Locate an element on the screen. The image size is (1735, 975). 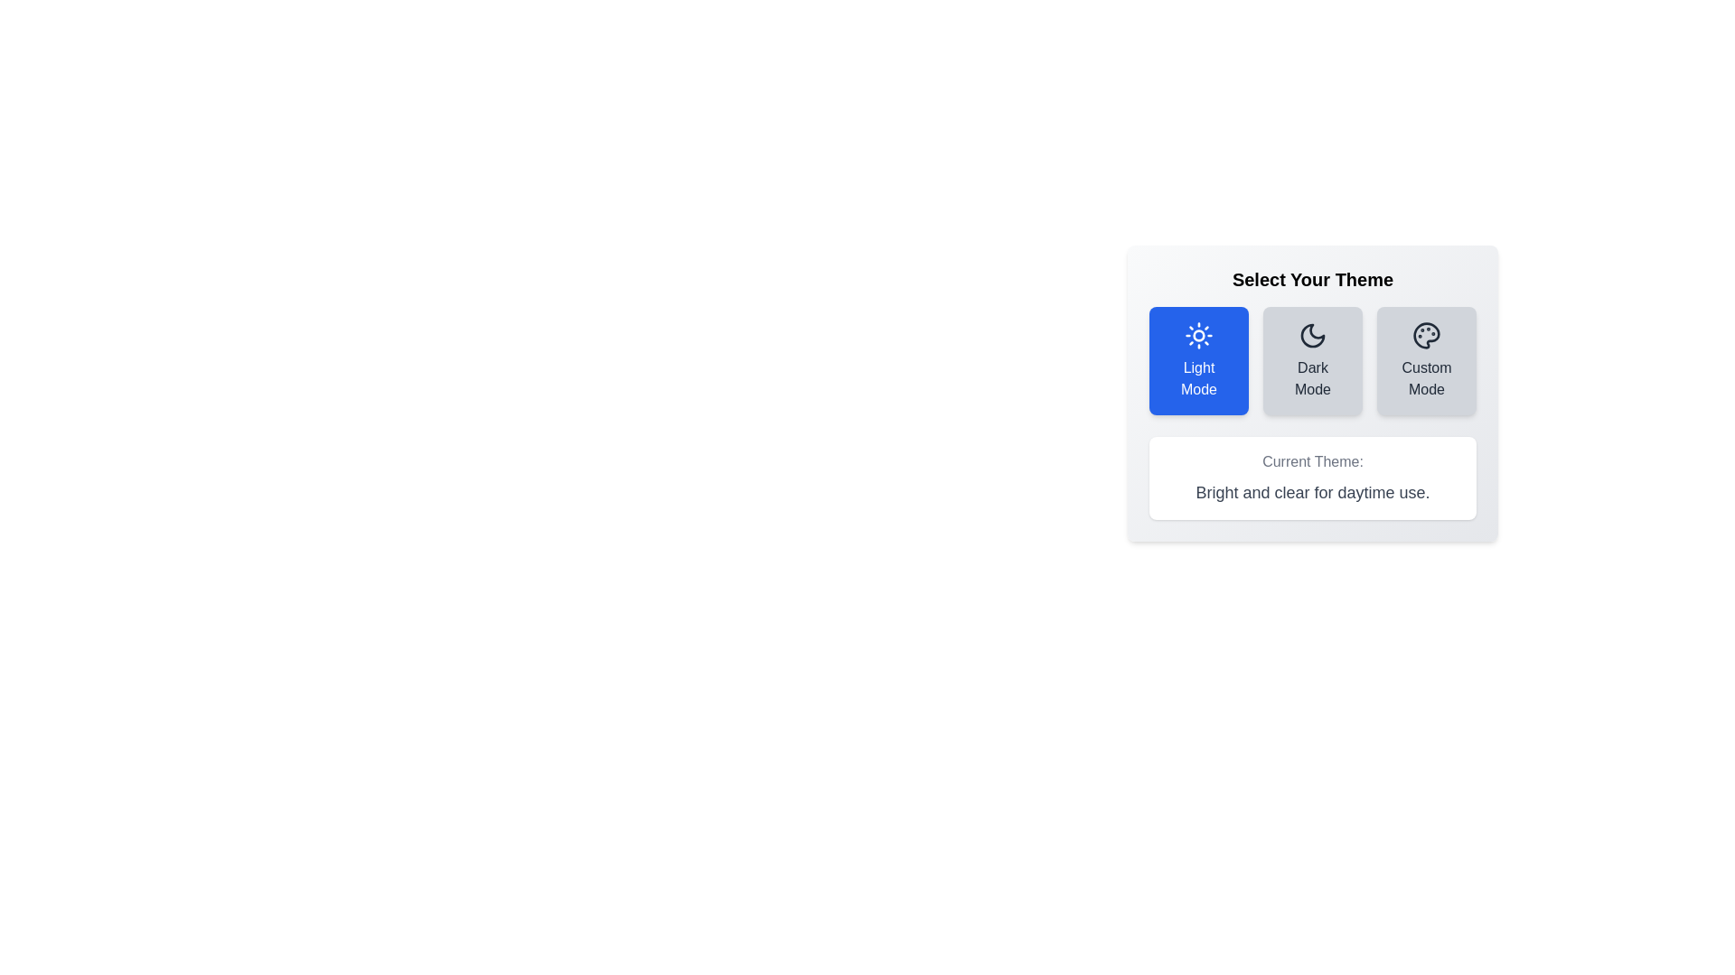
the button corresponding to Dark Mode theme is located at coordinates (1313, 361).